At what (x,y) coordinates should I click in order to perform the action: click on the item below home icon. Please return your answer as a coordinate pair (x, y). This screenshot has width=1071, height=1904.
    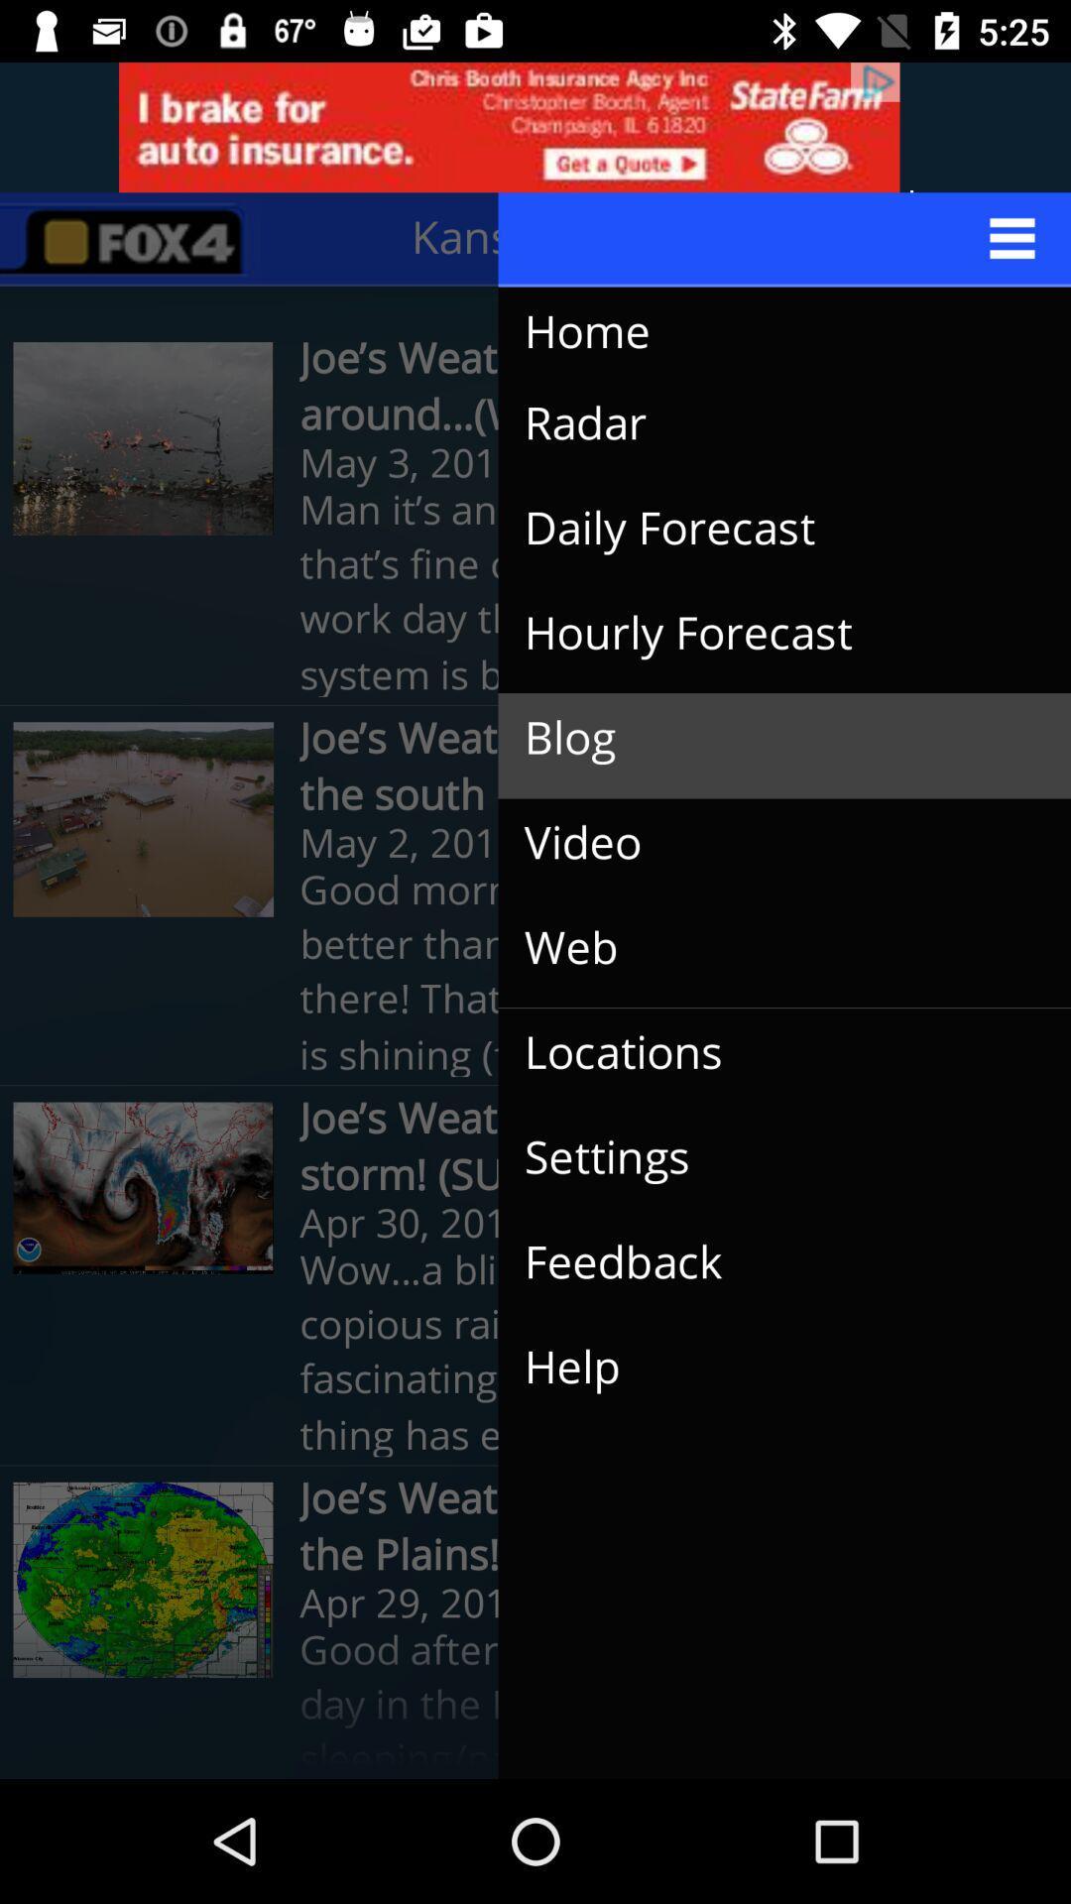
    Looking at the image, I should click on (768, 422).